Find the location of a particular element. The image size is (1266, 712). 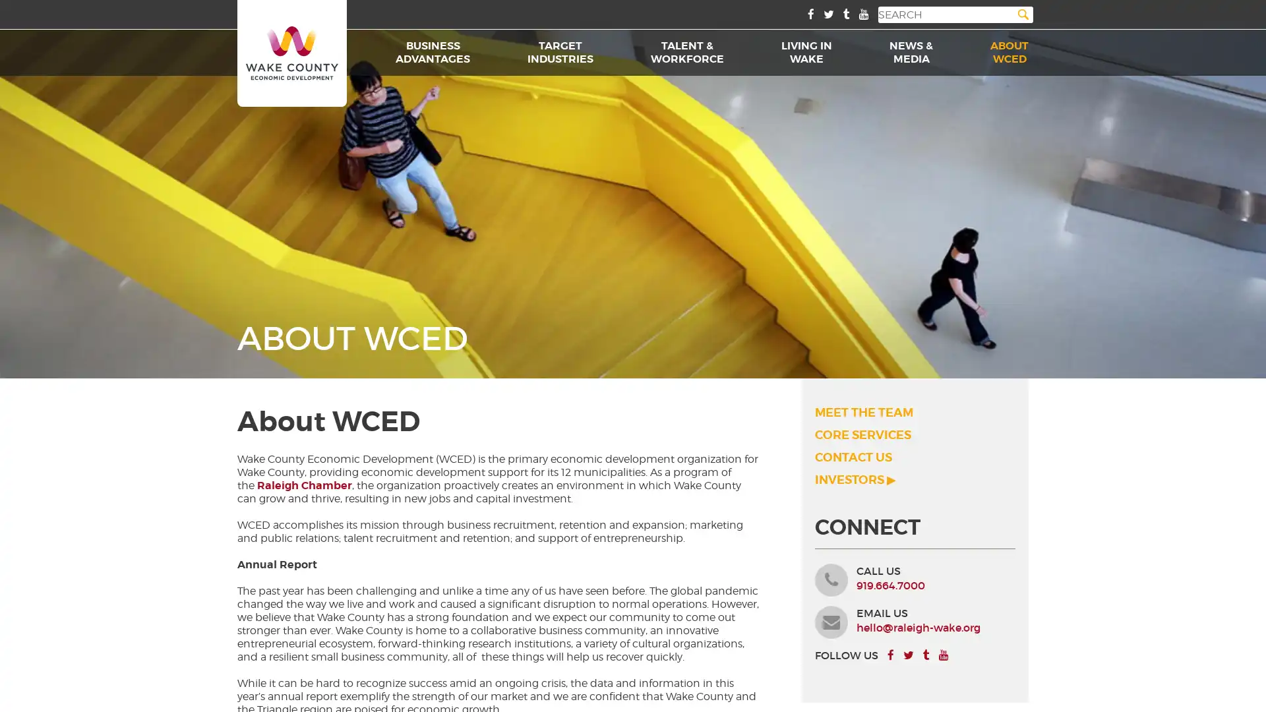

Search is located at coordinates (1022, 15).